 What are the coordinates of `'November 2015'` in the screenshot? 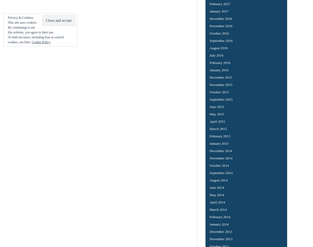 It's located at (221, 84).